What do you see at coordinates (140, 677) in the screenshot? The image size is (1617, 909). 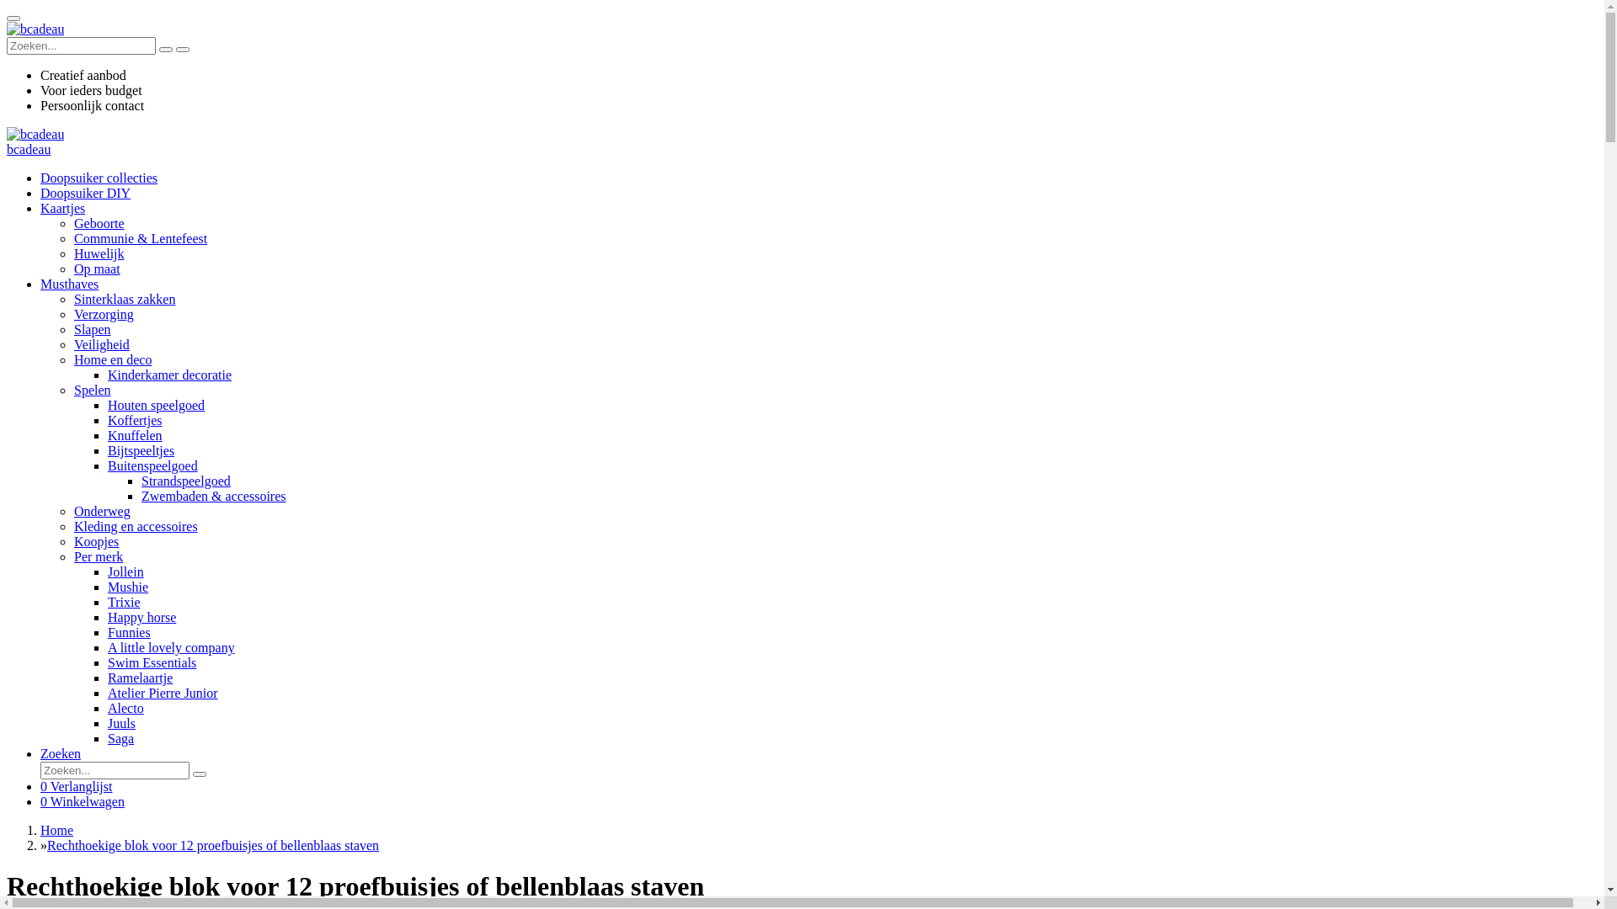 I see `'Ramelaartje'` at bounding box center [140, 677].